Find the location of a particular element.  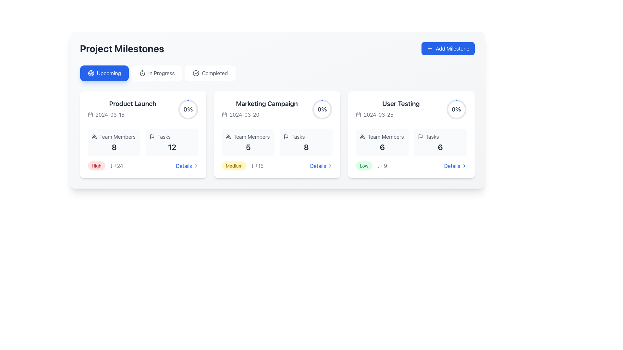

the 'Completed' status icon located to the left of the 'Completed' text in the navigation section at the top of the content area is located at coordinates (196, 73).